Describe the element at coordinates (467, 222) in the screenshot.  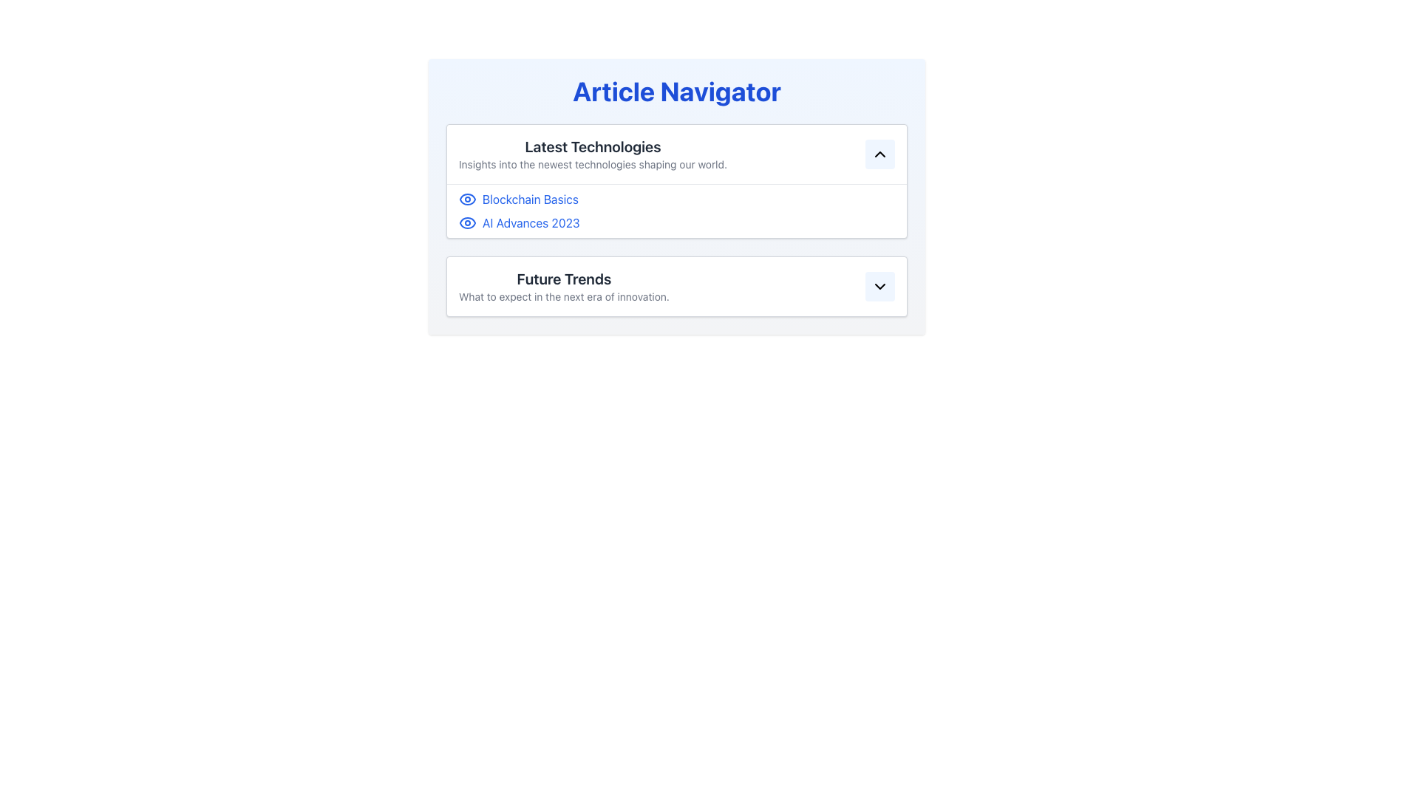
I see `the eye icon indicating visibility, located to the left of the 'AI Advances 2023' link in the 'Latest Technologies' section of the 'Article Navigator'` at that location.